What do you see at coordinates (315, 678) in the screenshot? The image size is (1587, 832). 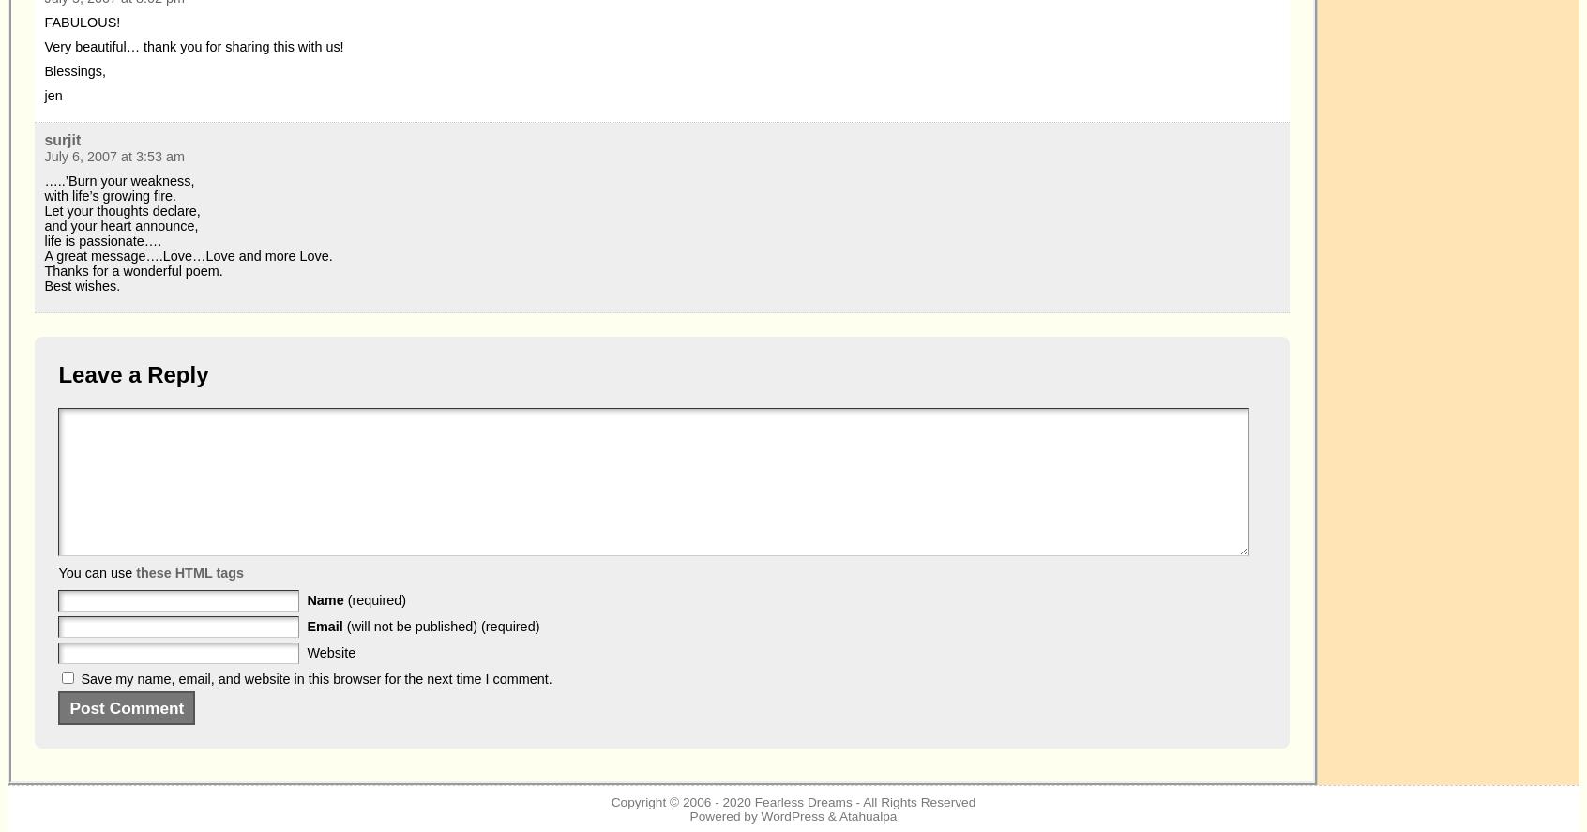 I see `'Save my name, email, and website in this browser for the next time I comment.'` at bounding box center [315, 678].